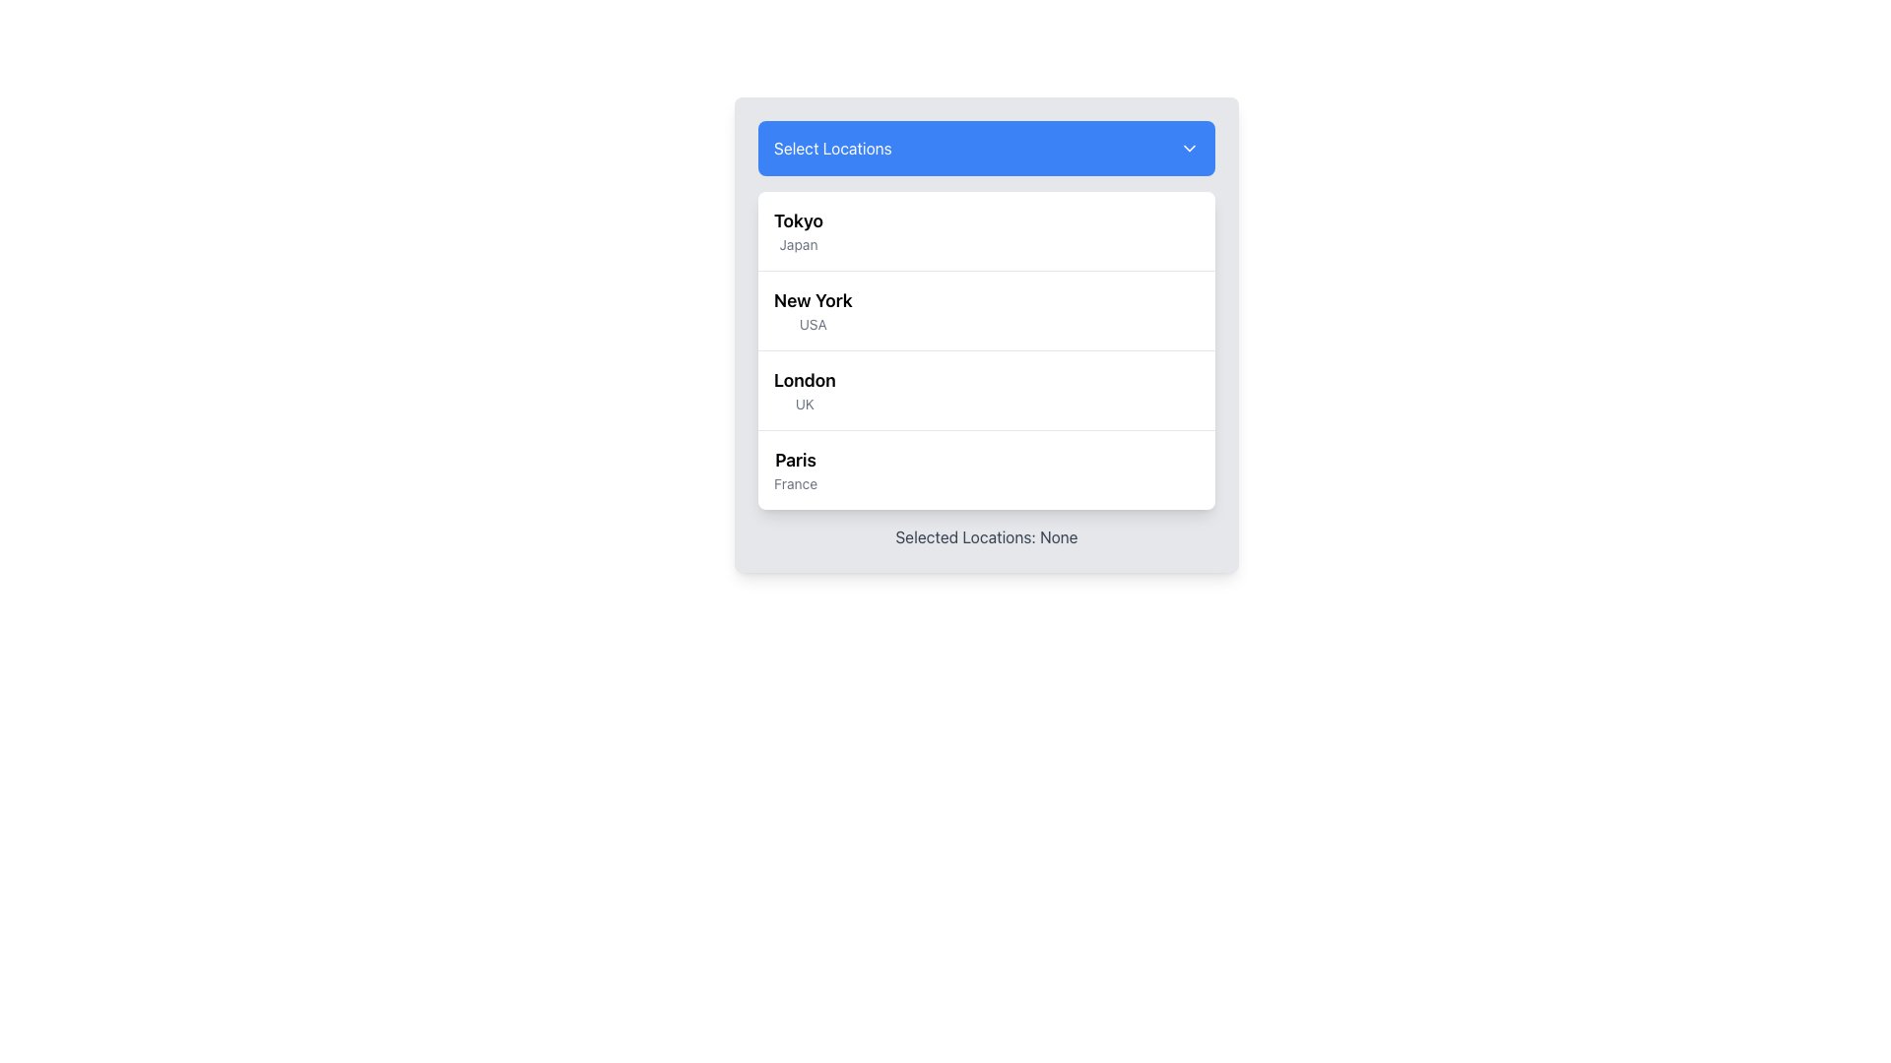 This screenshot has height=1063, width=1891. What do you see at coordinates (987, 537) in the screenshot?
I see `the static text display that shows 'Selected Locations: None', located at the bottom of the selection panel` at bounding box center [987, 537].